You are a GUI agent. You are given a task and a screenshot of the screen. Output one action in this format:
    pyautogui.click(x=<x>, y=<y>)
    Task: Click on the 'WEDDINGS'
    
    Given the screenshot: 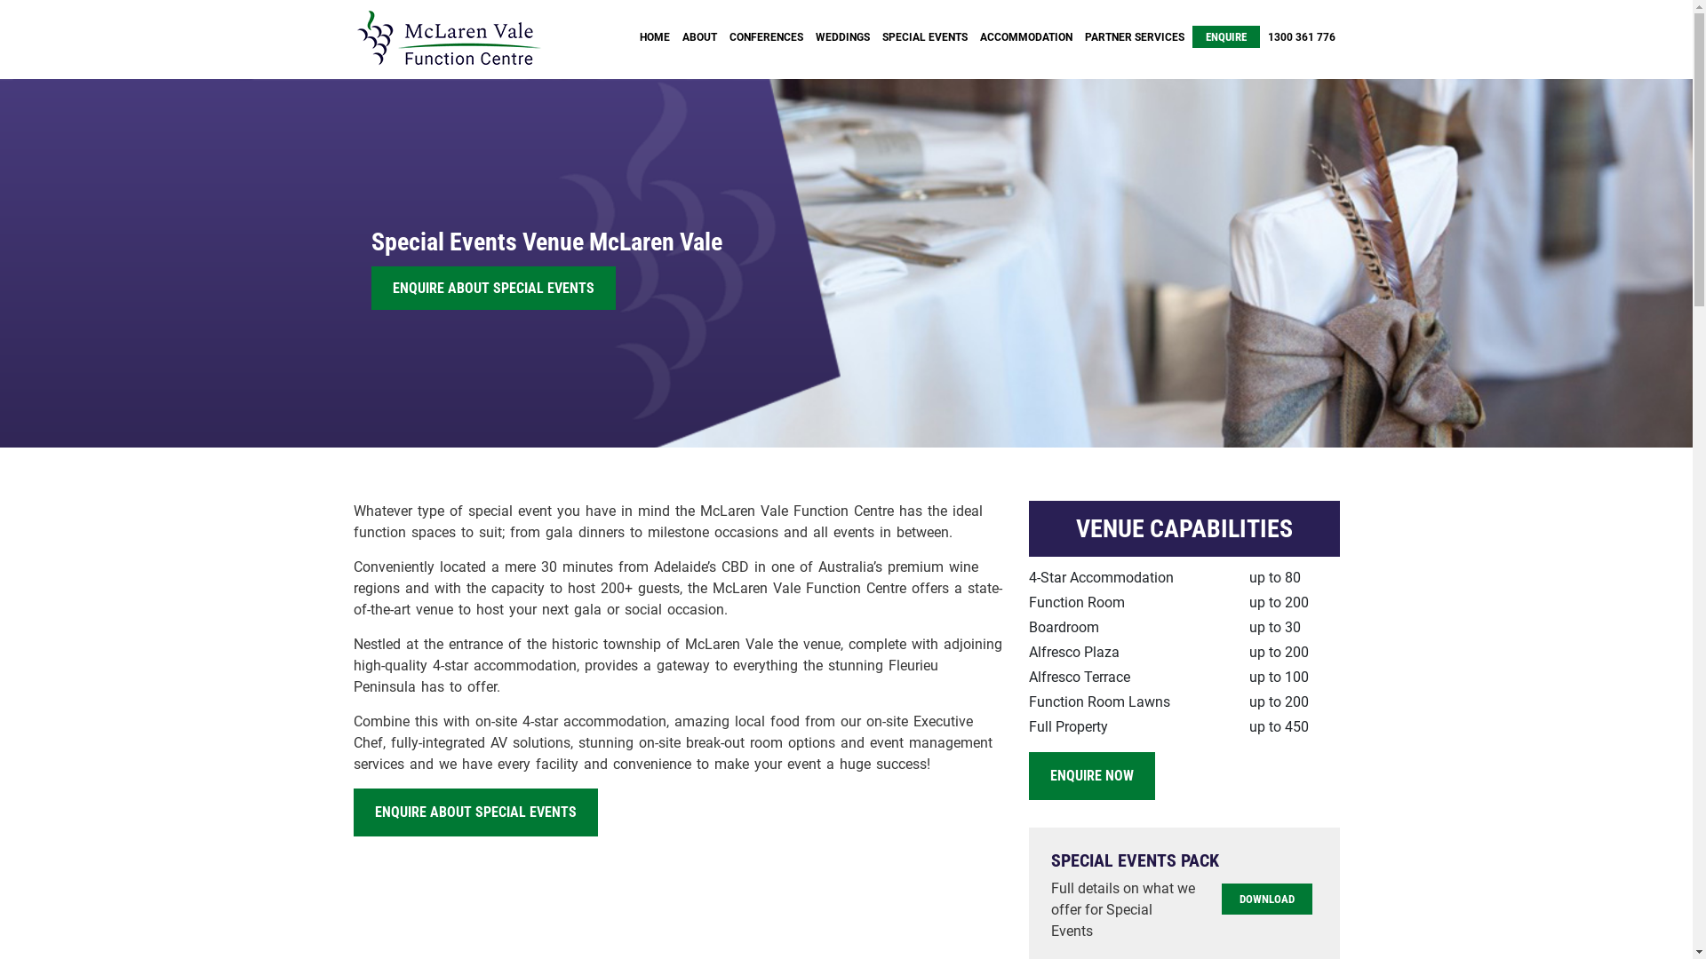 What is the action you would take?
    pyautogui.click(x=809, y=37)
    